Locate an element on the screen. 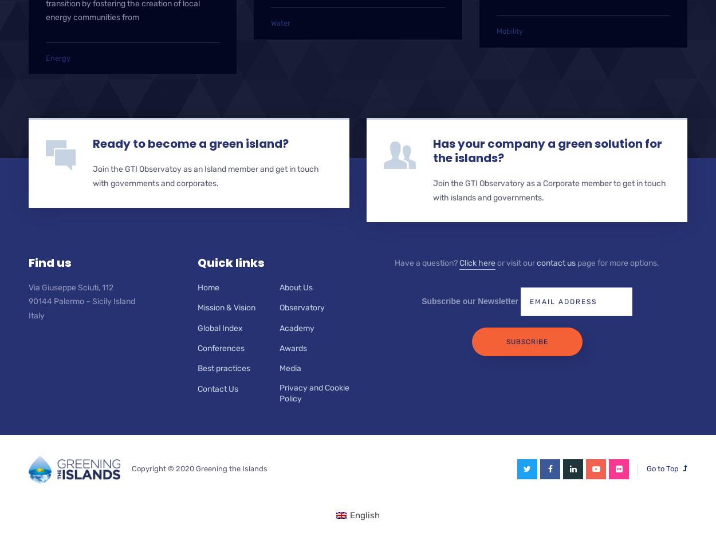 The image size is (716, 544). 'contact us' is located at coordinates (556, 262).